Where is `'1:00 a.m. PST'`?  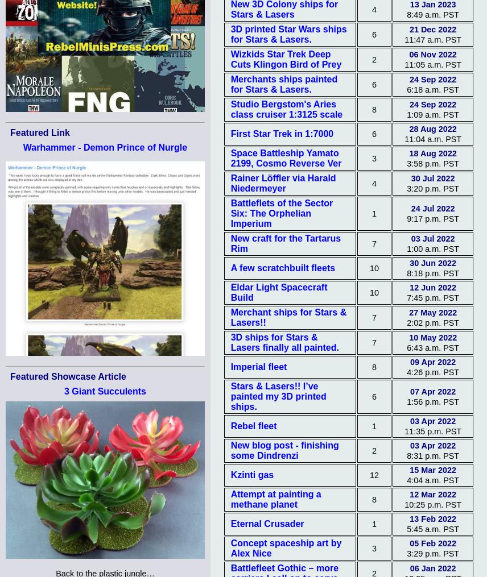 '1:00 a.m. PST' is located at coordinates (432, 248).